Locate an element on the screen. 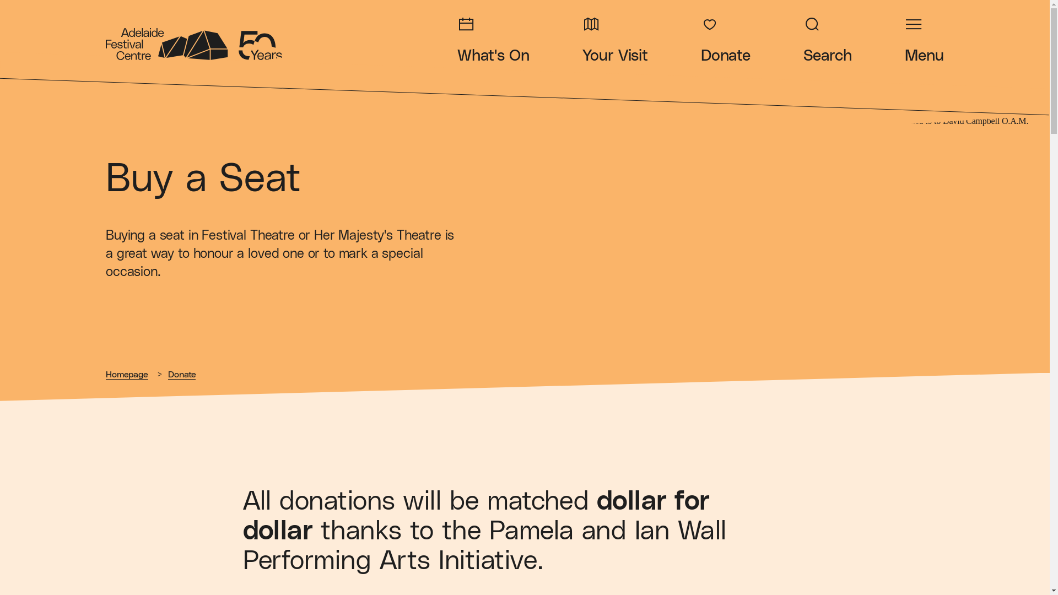  'Search' is located at coordinates (828, 39).